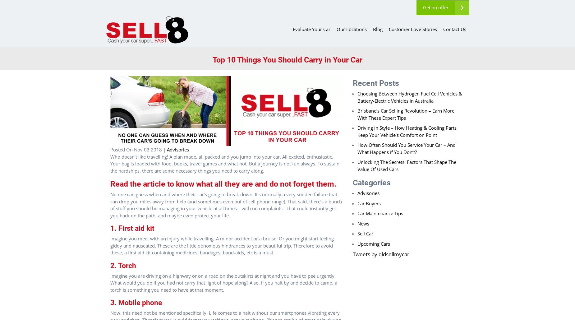 This screenshot has height=320, width=575. I want to click on '07 3082 6426', so click(369, 13).